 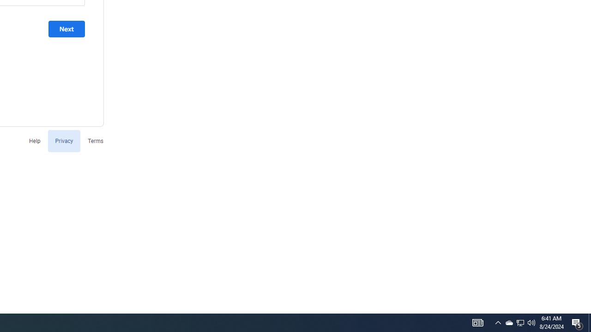 I want to click on 'Terms', so click(x=96, y=141).